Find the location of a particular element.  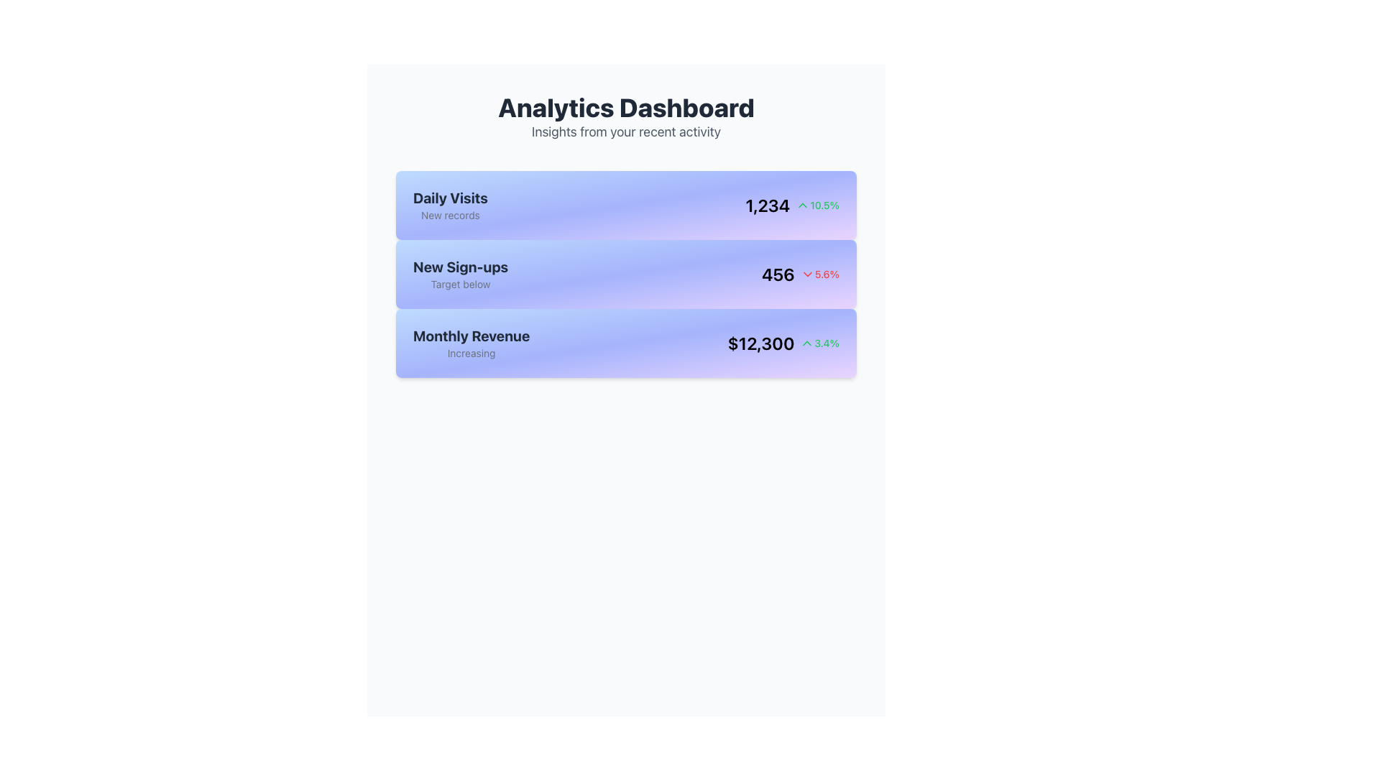

Text and Icon Display showing the numeric value '4565.6%' with a red downward arrow icon, located in the right section of the 'New Sign-ups' component is located at coordinates (799, 274).